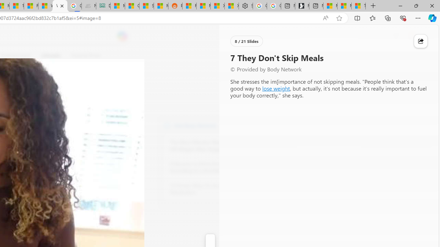 Image resolution: width=440 pixels, height=247 pixels. I want to click on 'MSNBC - MSN', so click(118, 6).